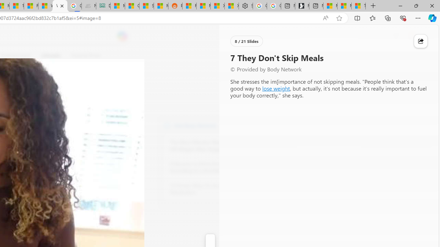 Image resolution: width=440 pixels, height=247 pixels. I want to click on 'MSNBC - MSN', so click(118, 6).